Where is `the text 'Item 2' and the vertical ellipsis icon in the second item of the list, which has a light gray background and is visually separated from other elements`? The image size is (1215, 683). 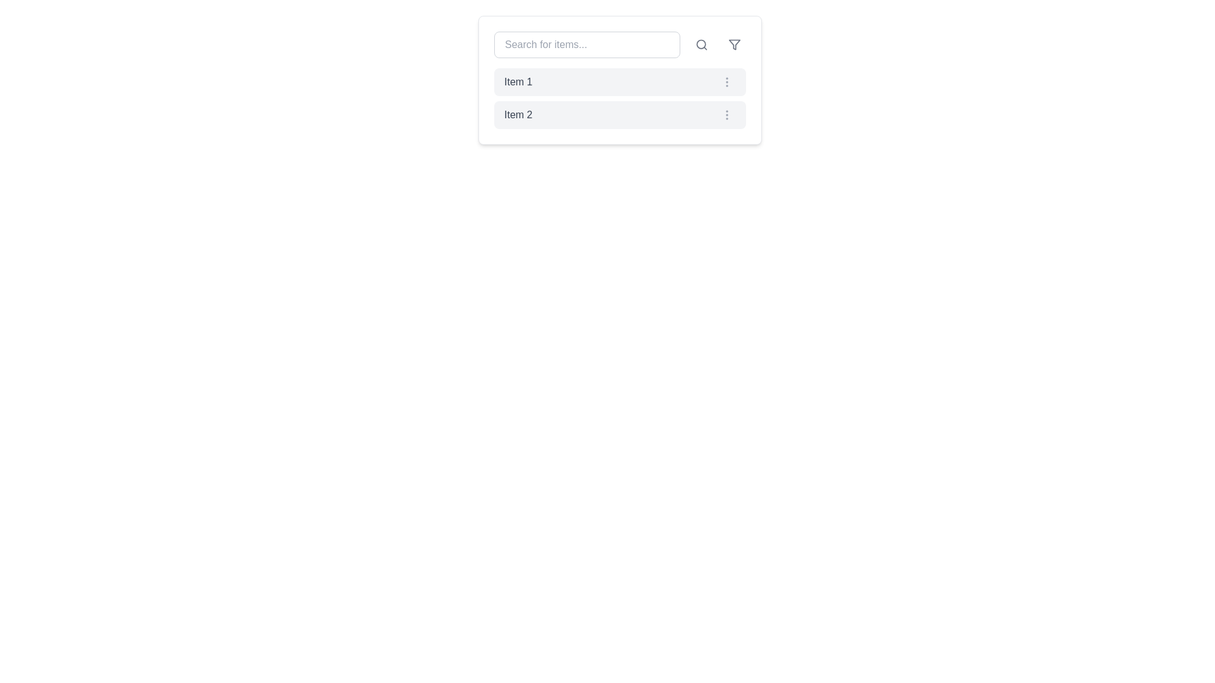 the text 'Item 2' and the vertical ellipsis icon in the second item of the list, which has a light gray background and is visually separated from other elements is located at coordinates (620, 114).